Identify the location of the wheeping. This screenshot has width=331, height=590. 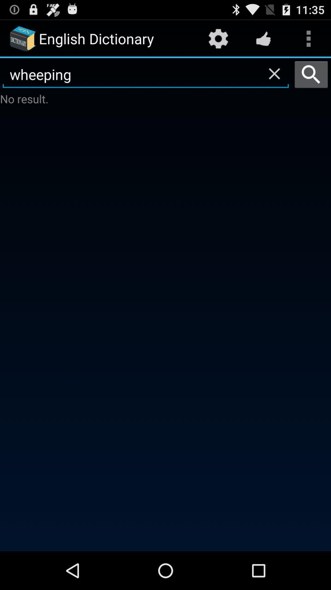
(146, 74).